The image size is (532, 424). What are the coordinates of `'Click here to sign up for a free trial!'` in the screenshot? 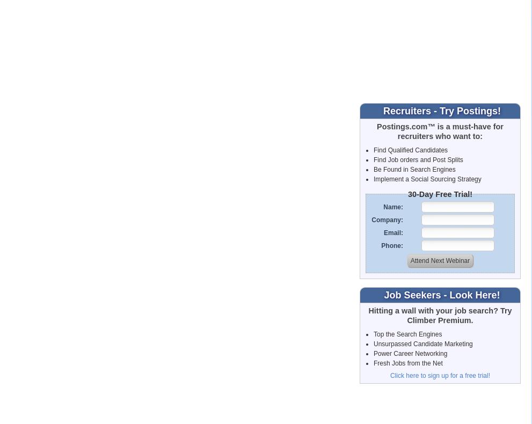 It's located at (439, 375).